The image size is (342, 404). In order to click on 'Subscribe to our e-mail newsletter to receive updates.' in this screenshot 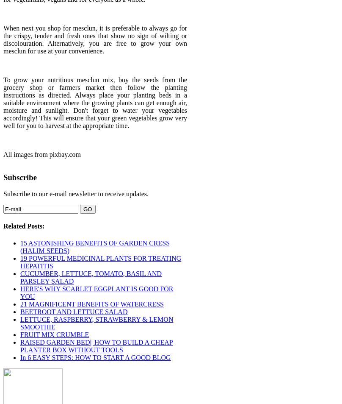, I will do `click(75, 193)`.